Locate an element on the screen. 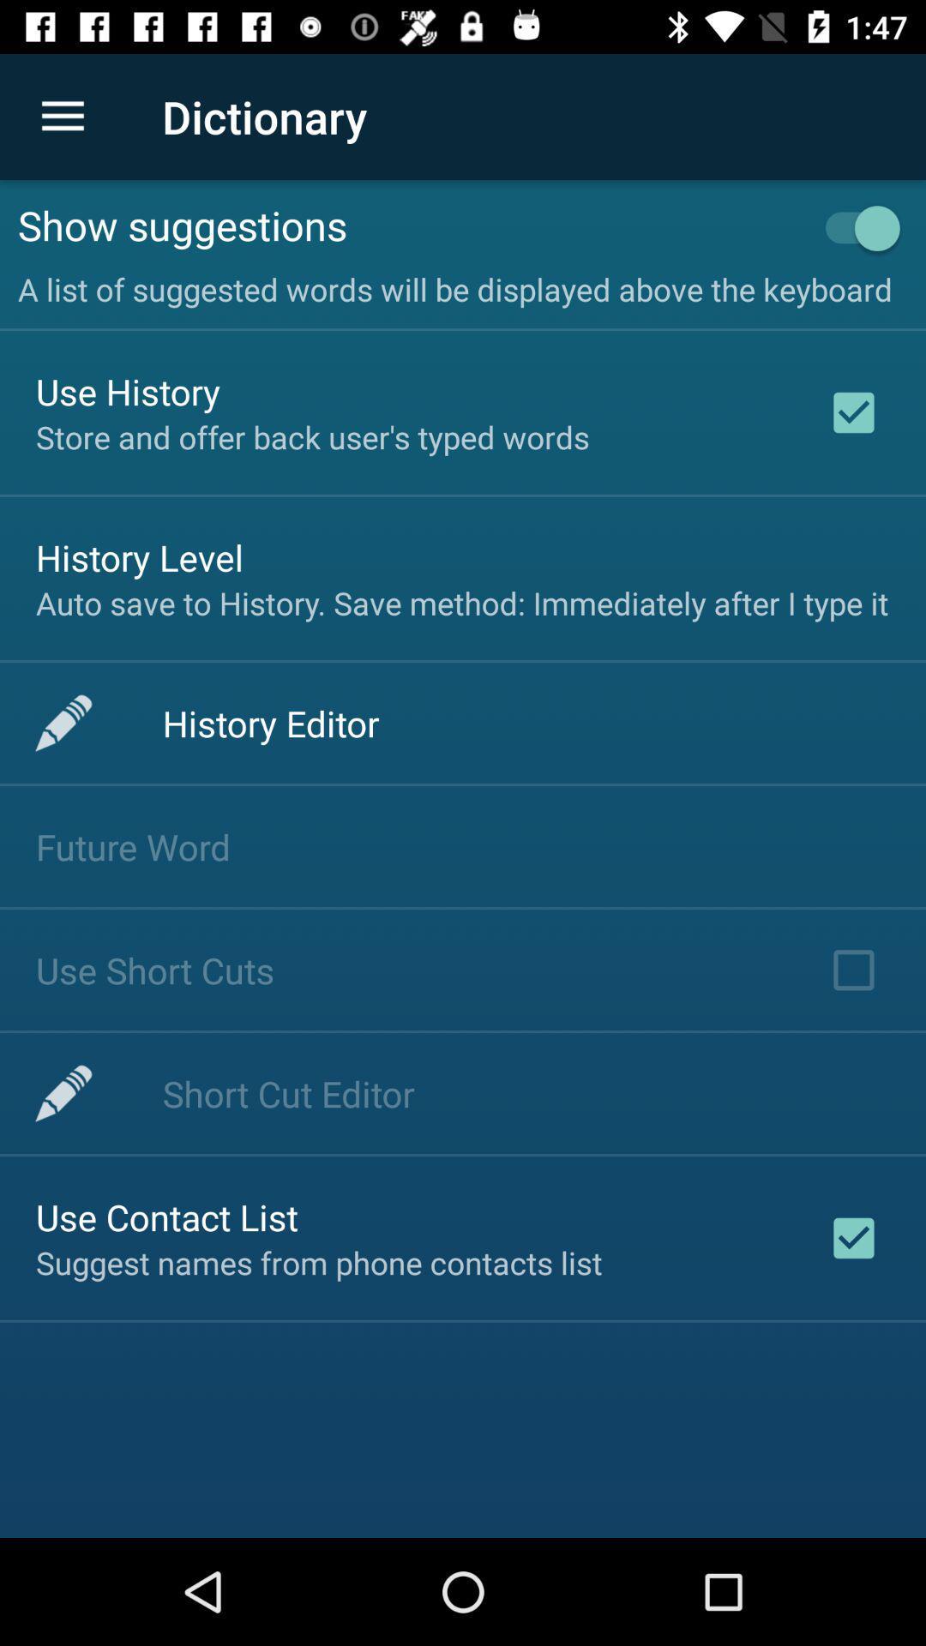 The image size is (926, 1646). auto save to at the center is located at coordinates (461, 603).